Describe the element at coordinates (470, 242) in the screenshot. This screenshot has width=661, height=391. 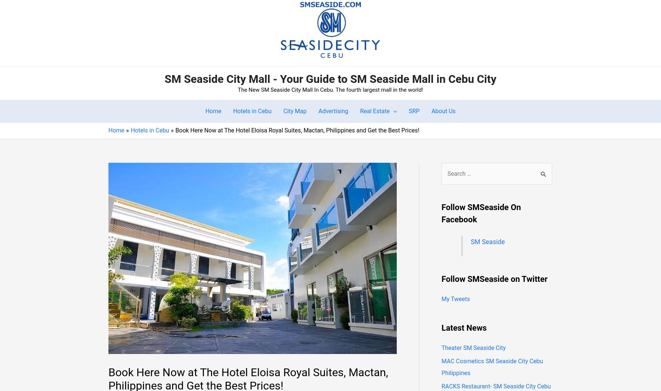
I see `'SM Seaside'` at that location.